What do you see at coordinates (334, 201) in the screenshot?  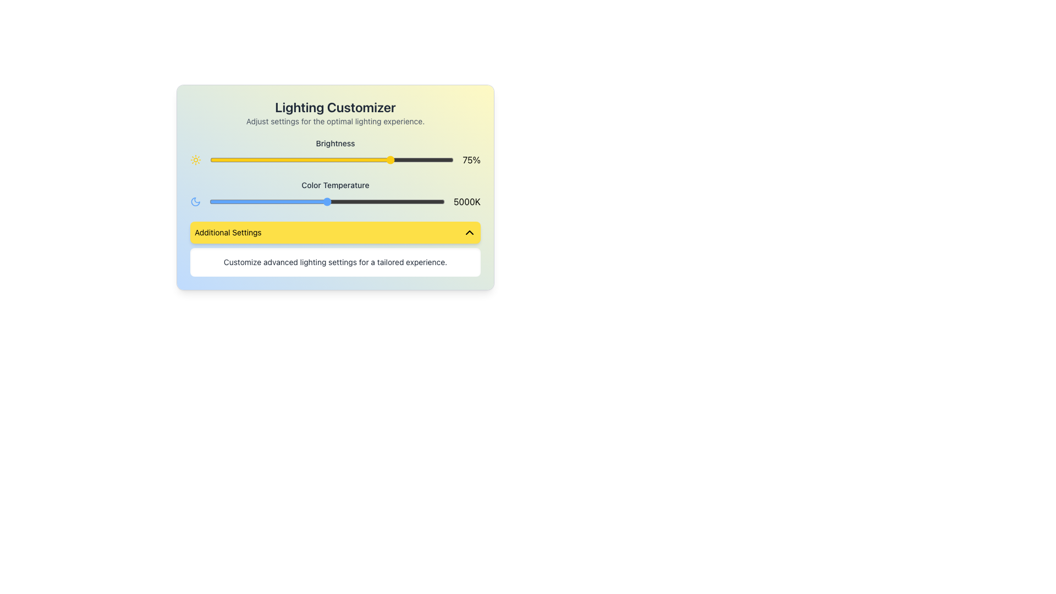 I see `the text label displaying '5000K', which is located to the right of the 'Color Temperature' slider control` at bounding box center [334, 201].